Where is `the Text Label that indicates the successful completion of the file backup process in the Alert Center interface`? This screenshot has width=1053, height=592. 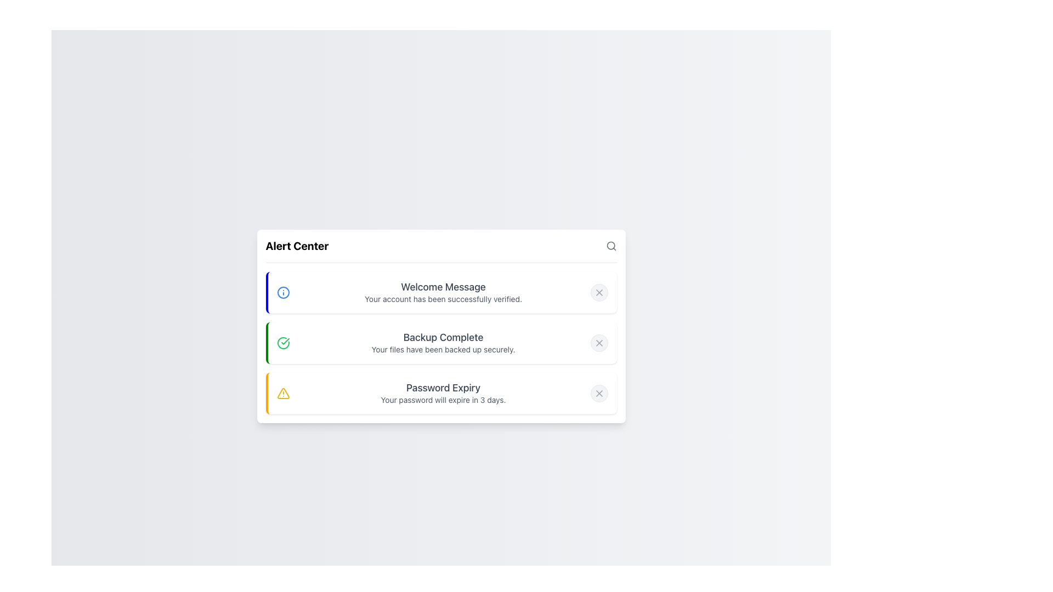
the Text Label that indicates the successful completion of the file backup process in the Alert Center interface is located at coordinates (443, 337).